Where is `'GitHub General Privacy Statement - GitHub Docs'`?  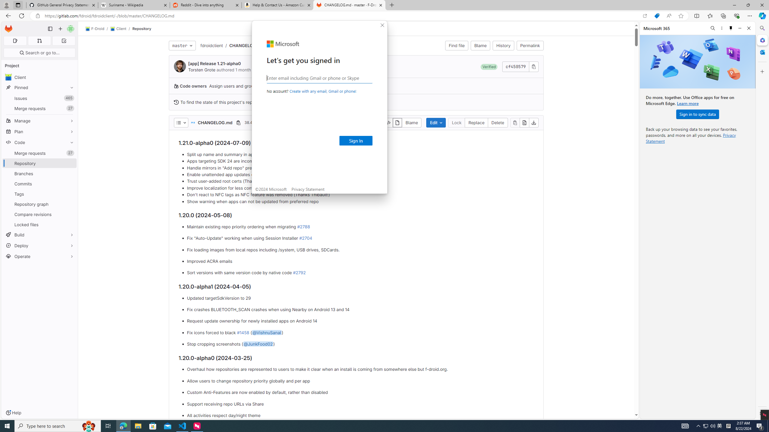 'GitHub General Privacy Statement - GitHub Docs' is located at coordinates (62, 5).